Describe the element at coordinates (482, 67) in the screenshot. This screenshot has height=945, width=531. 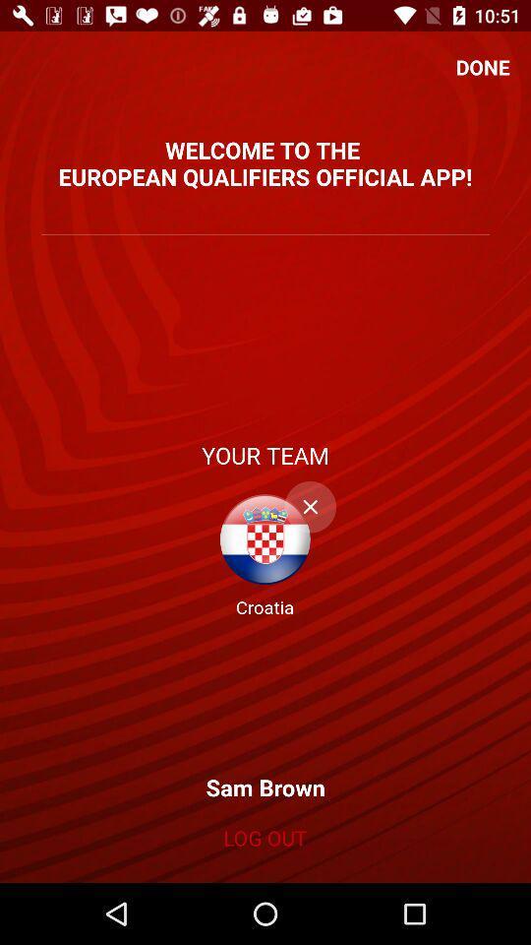
I see `done at the top right corner` at that location.